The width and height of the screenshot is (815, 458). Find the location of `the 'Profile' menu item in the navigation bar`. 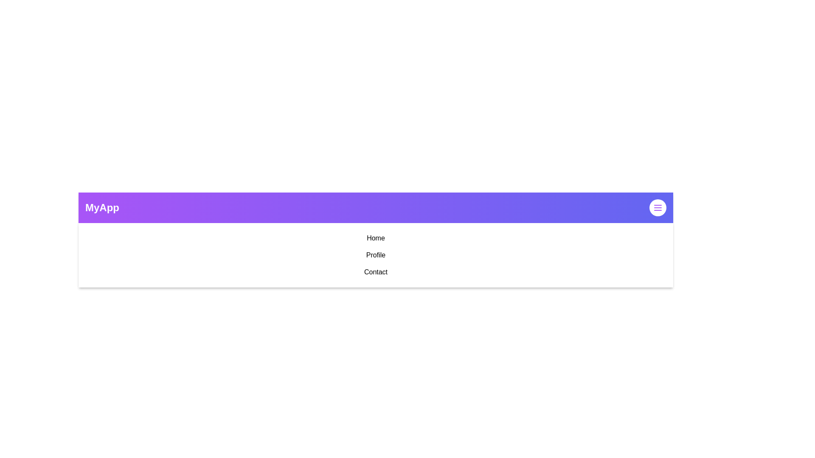

the 'Profile' menu item in the navigation bar is located at coordinates (375, 254).